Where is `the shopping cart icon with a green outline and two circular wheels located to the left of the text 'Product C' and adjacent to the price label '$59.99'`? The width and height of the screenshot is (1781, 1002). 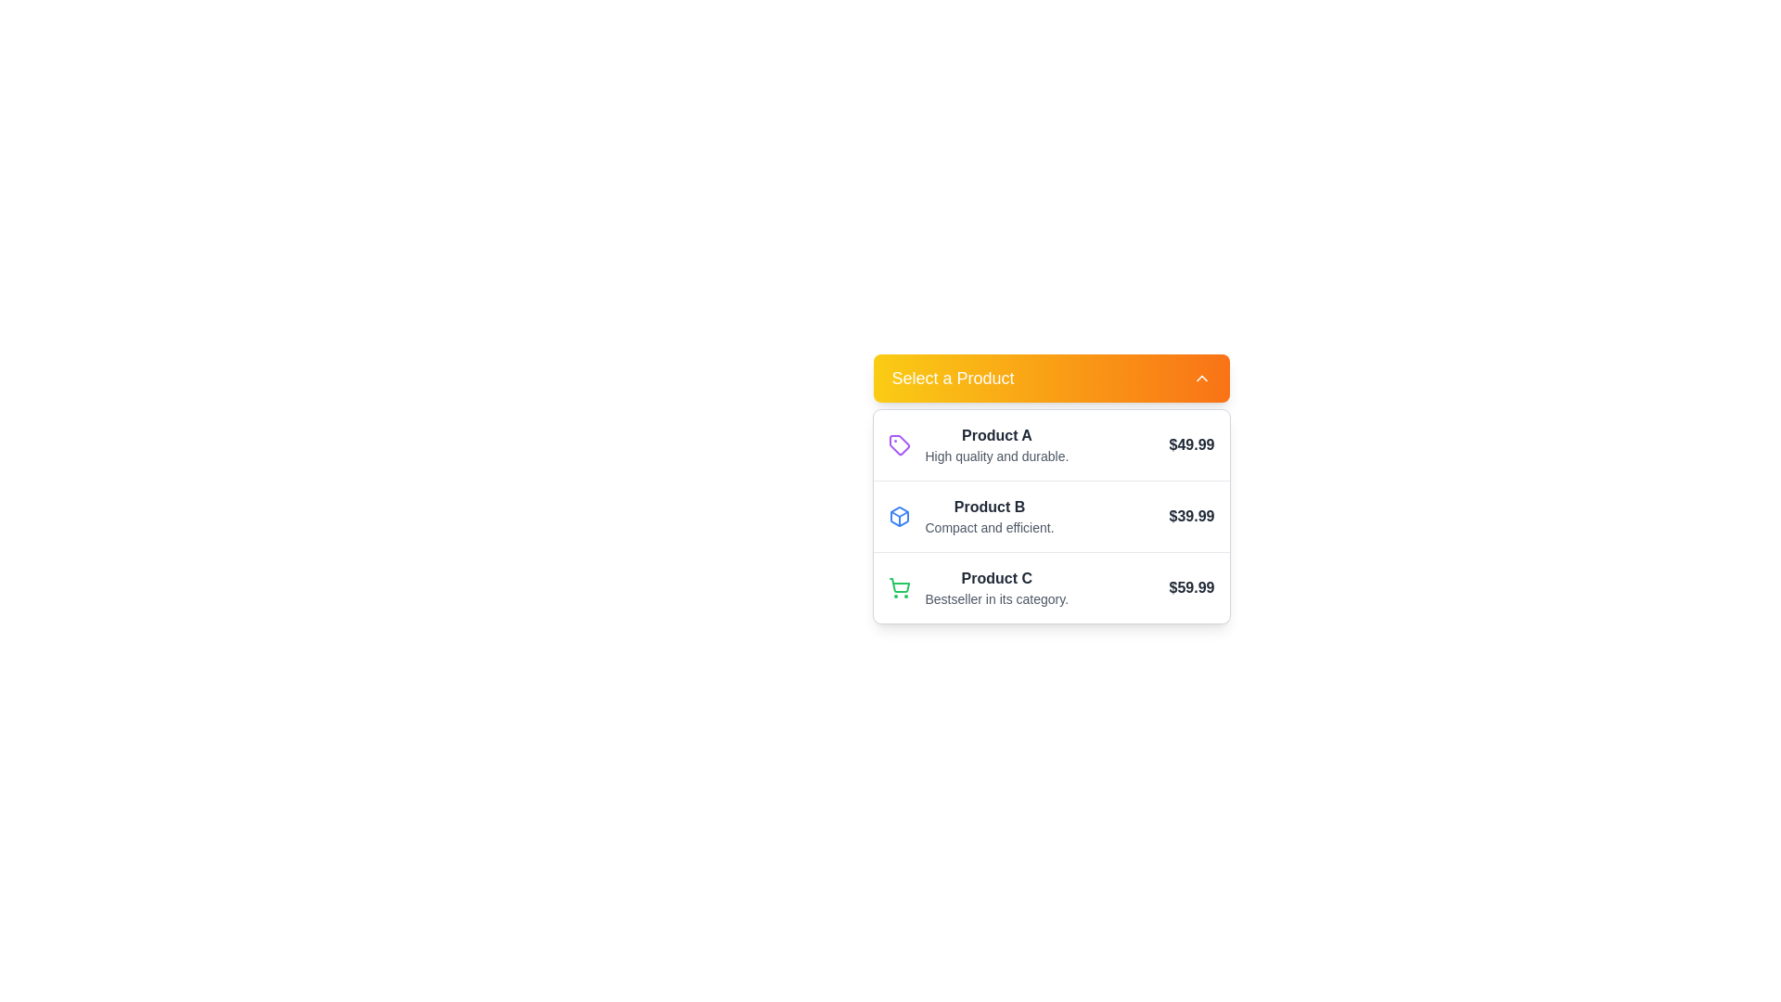
the shopping cart icon with a green outline and two circular wheels located to the left of the text 'Product C' and adjacent to the price label '$59.99' is located at coordinates (899, 587).